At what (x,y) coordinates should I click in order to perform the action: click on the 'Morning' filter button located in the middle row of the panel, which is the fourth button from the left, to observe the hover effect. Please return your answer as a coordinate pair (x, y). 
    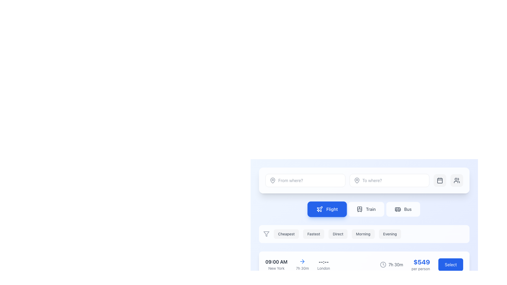
    Looking at the image, I should click on (363, 234).